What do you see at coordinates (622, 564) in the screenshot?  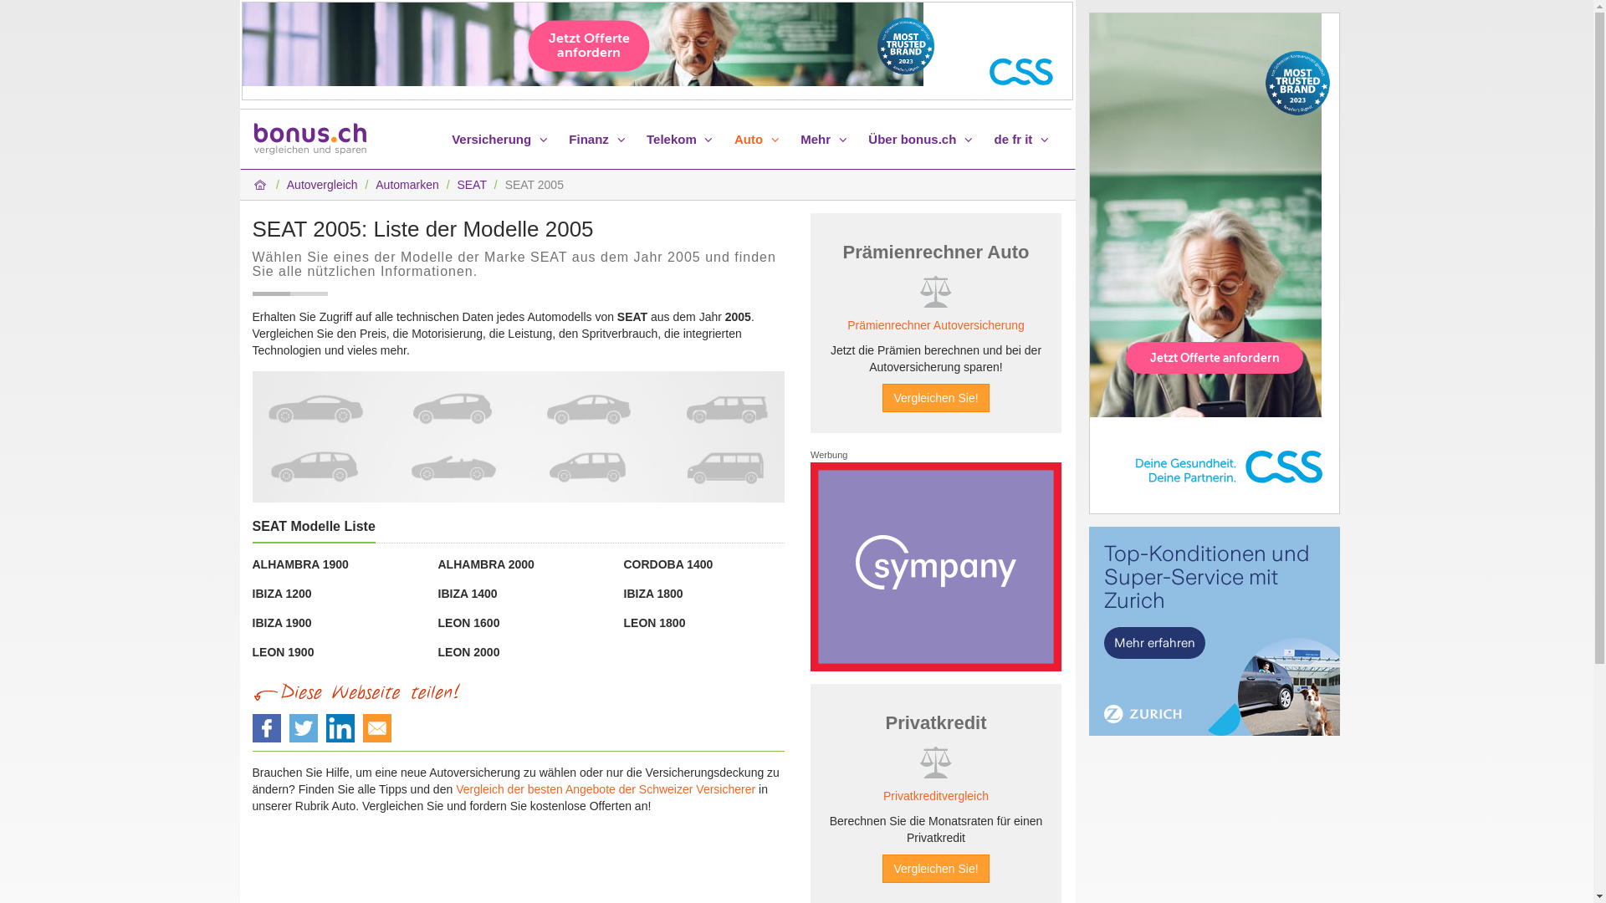 I see `'CORDOBA 1400'` at bounding box center [622, 564].